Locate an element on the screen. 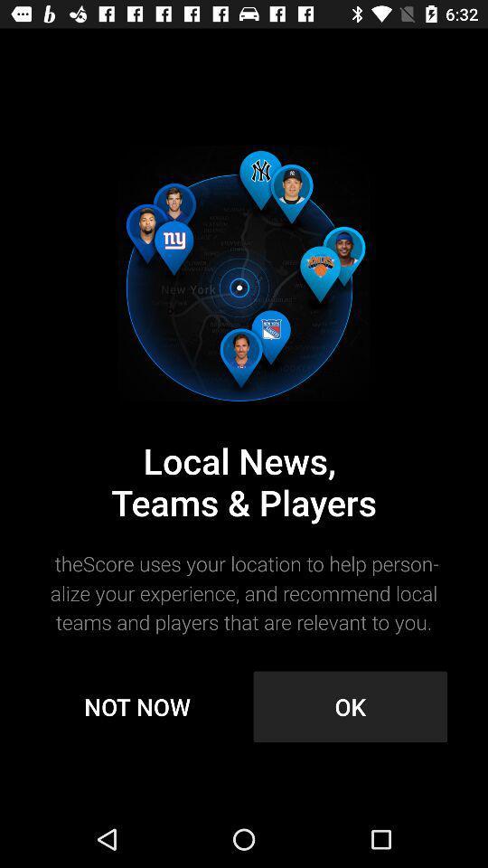 This screenshot has height=868, width=488. the not now at the bottom left corner is located at coordinates (136, 706).